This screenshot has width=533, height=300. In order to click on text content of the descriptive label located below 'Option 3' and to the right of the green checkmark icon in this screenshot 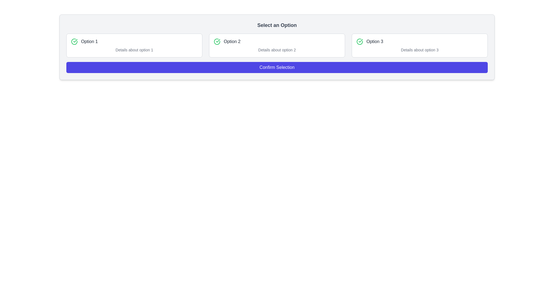, I will do `click(420, 50)`.